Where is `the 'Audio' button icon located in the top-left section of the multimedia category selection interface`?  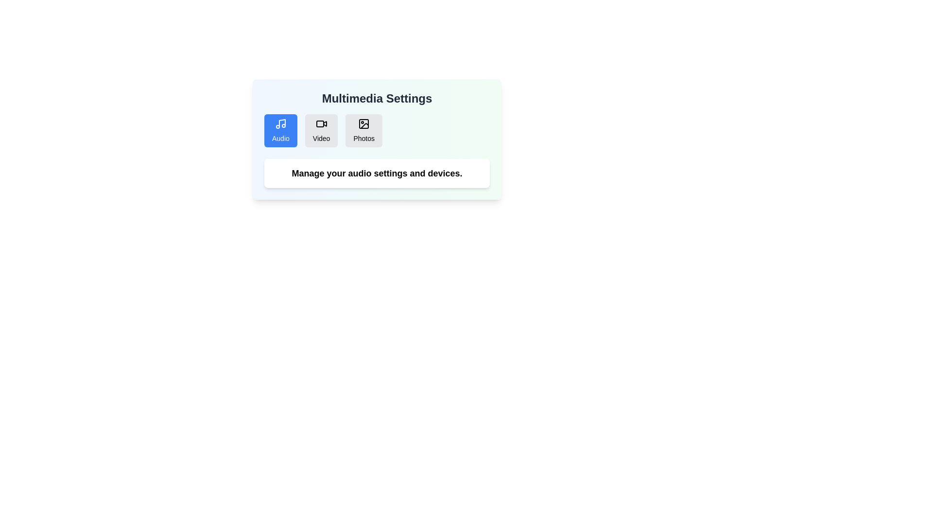 the 'Audio' button icon located in the top-left section of the multimedia category selection interface is located at coordinates (280, 123).